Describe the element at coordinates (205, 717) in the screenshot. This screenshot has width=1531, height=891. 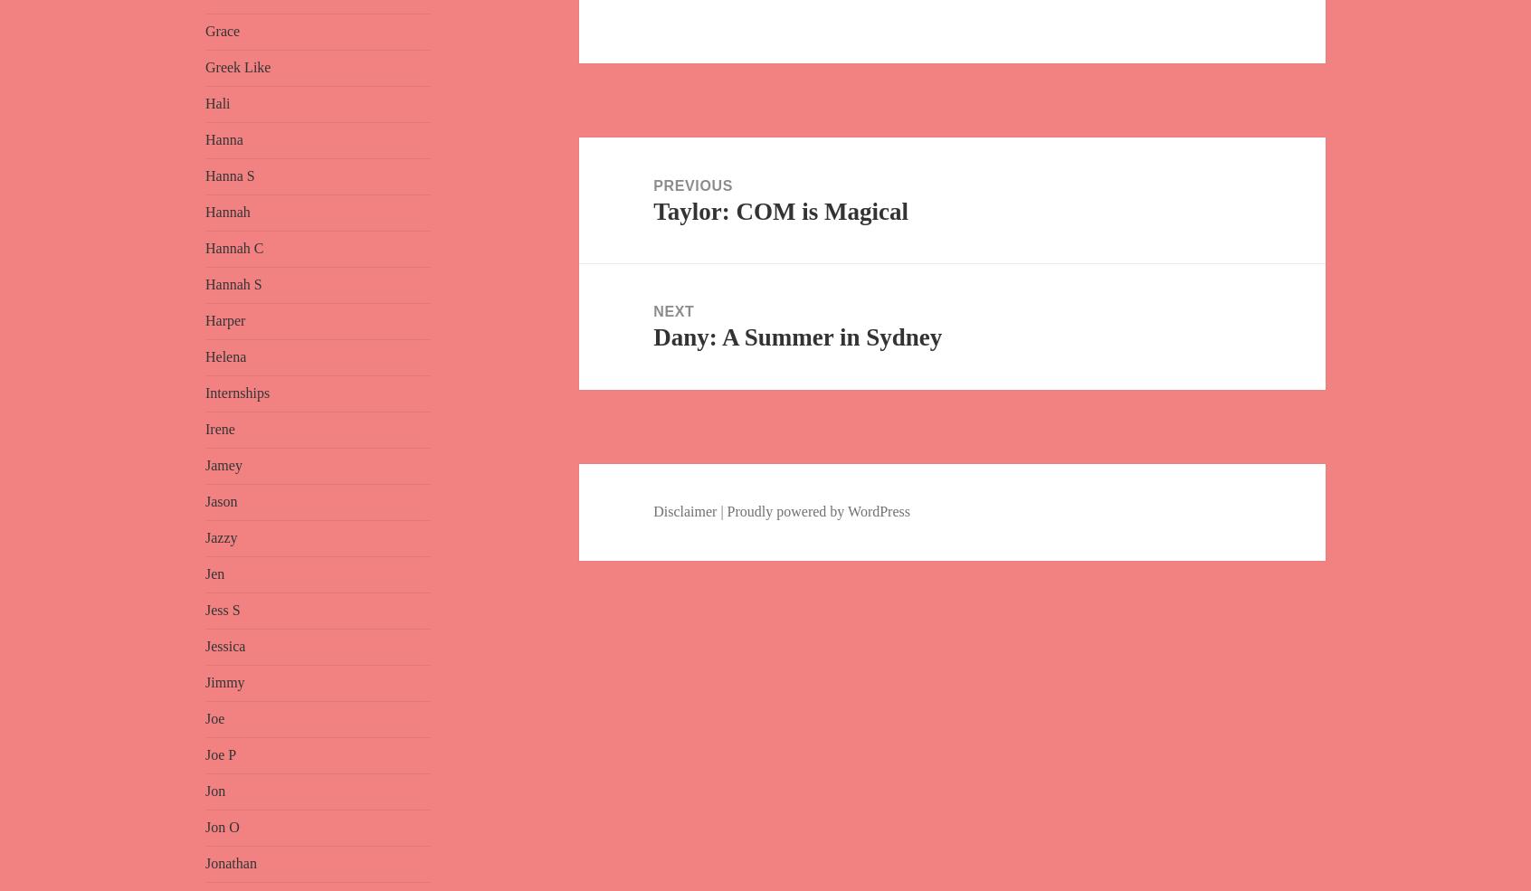
I see `'Joe'` at that location.